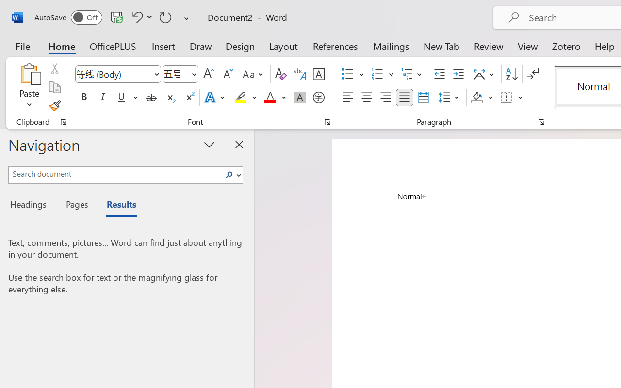  I want to click on 'Layout', so click(283, 46).